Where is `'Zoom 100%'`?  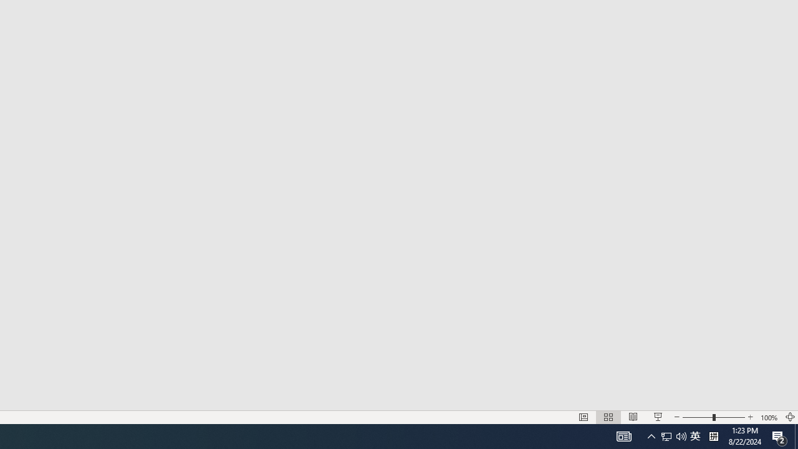
'Zoom 100%' is located at coordinates (769, 417).